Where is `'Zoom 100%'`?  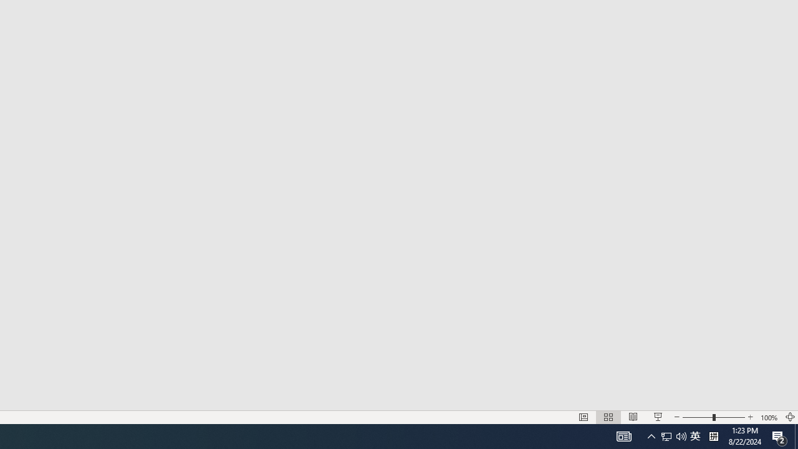
'Zoom 100%' is located at coordinates (769, 417).